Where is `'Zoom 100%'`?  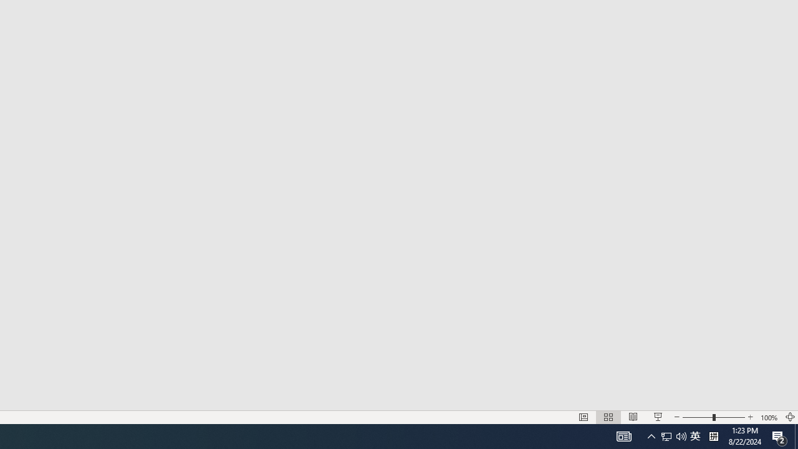
'Zoom 100%' is located at coordinates (769, 417).